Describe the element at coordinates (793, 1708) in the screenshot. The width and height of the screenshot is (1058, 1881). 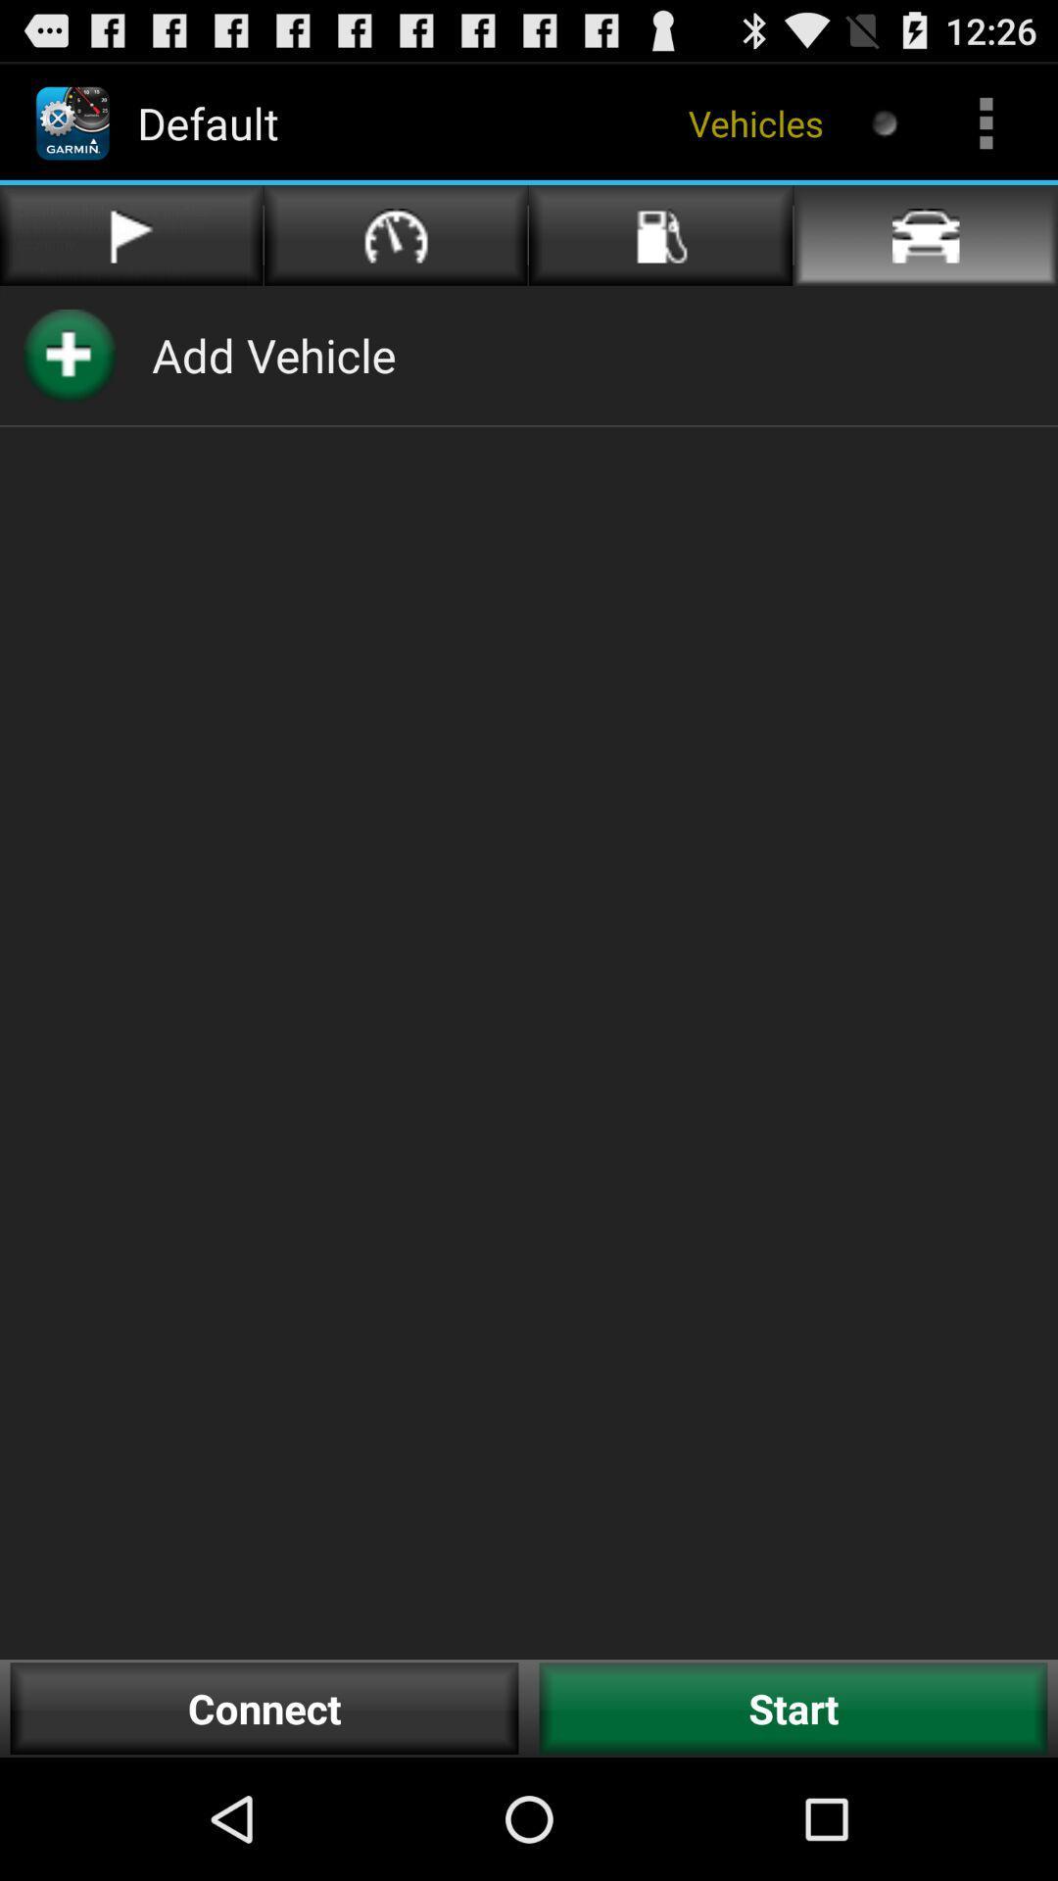
I see `item next to connect icon` at that location.